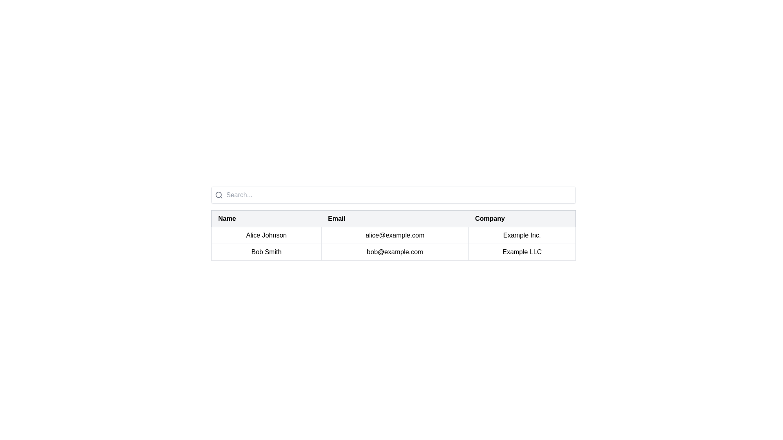 The width and height of the screenshot is (783, 440). What do you see at coordinates (227, 218) in the screenshot?
I see `the 'Name' text label, which is styled in bold and positioned in the top-left corner of the data table header row` at bounding box center [227, 218].